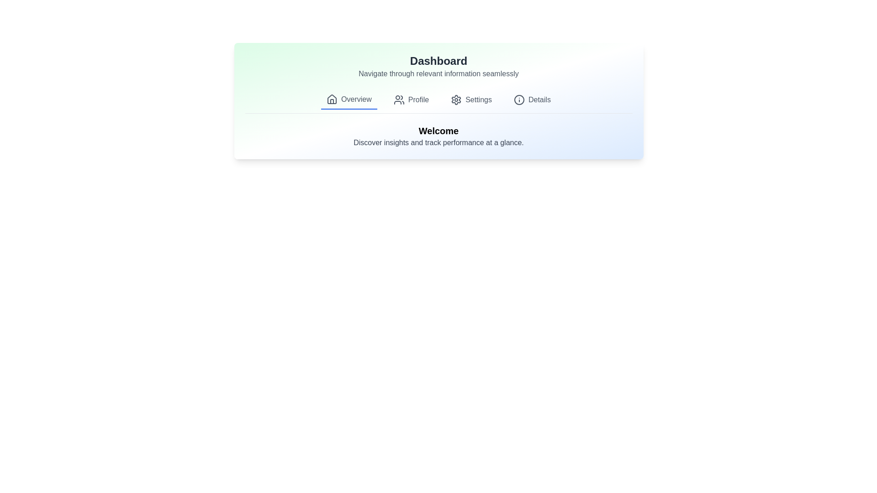 The height and width of the screenshot is (493, 877). Describe the element at coordinates (411, 100) in the screenshot. I see `the Profile tab, which is the second tab from the left in the horizontal navigation, positioned between 'Overview' and 'Settings'` at that location.